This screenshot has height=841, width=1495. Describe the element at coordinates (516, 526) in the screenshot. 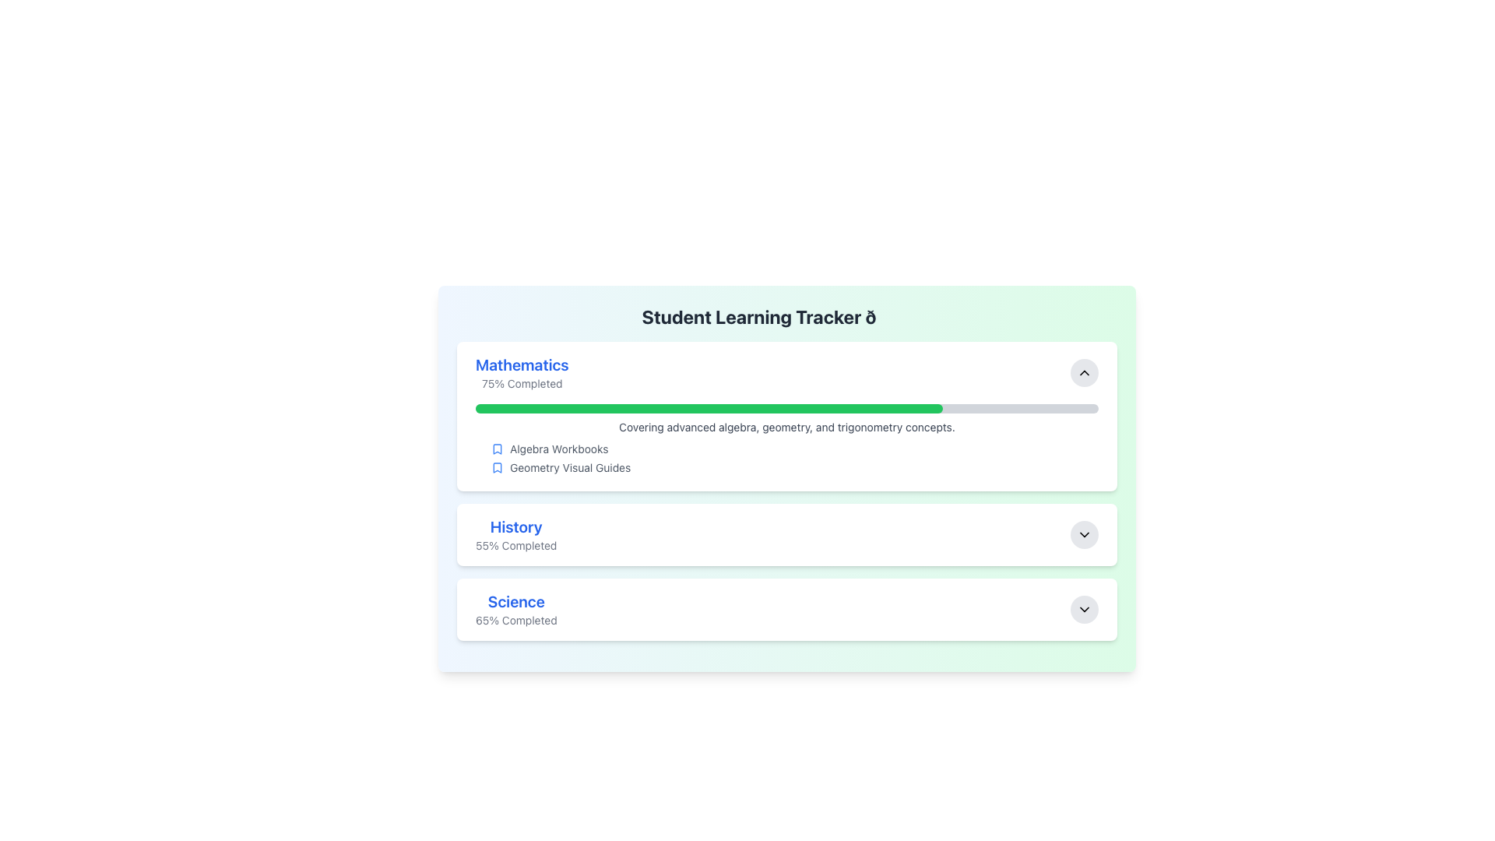

I see `the non-interactive text label representing a specific subject within the progress tracking interface, located between the 'Mathematics' and 'Science' cards` at that location.